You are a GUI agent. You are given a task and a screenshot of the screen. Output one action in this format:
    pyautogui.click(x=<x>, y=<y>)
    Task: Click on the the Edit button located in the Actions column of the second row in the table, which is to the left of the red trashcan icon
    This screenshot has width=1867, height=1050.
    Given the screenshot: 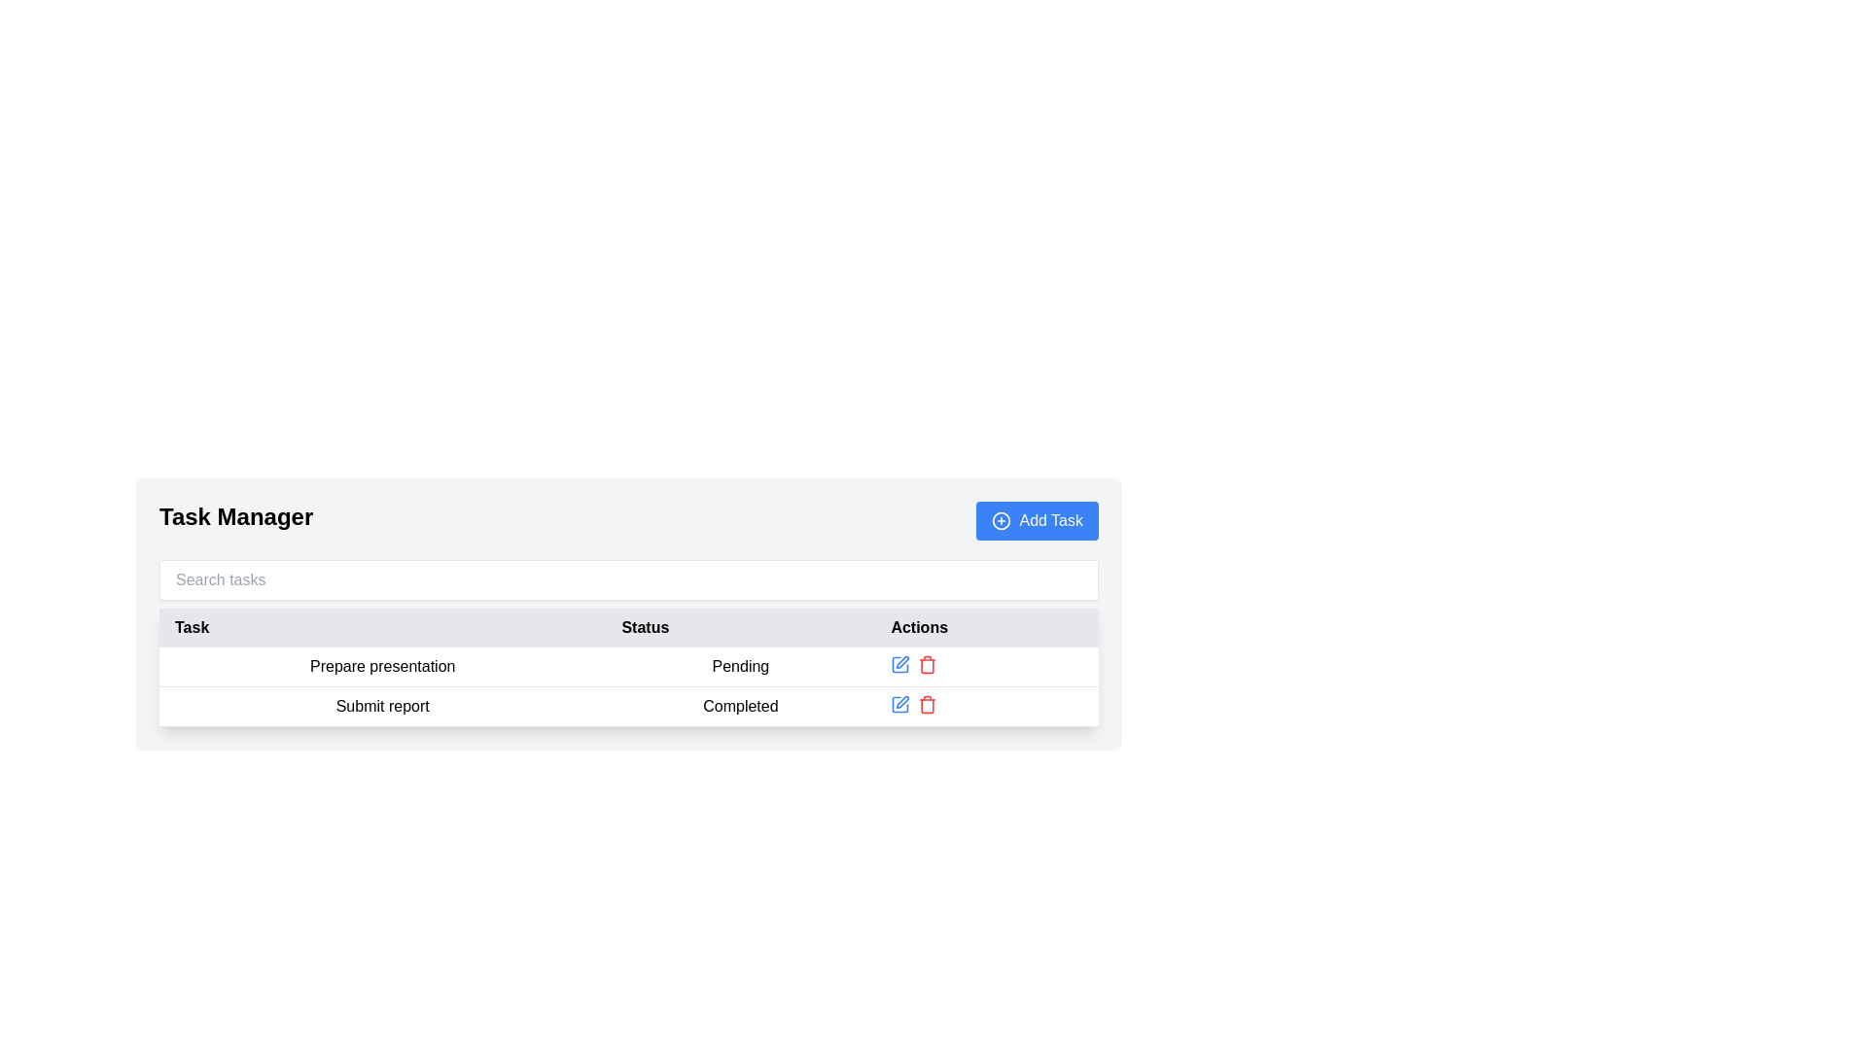 What is the action you would take?
    pyautogui.click(x=899, y=705)
    